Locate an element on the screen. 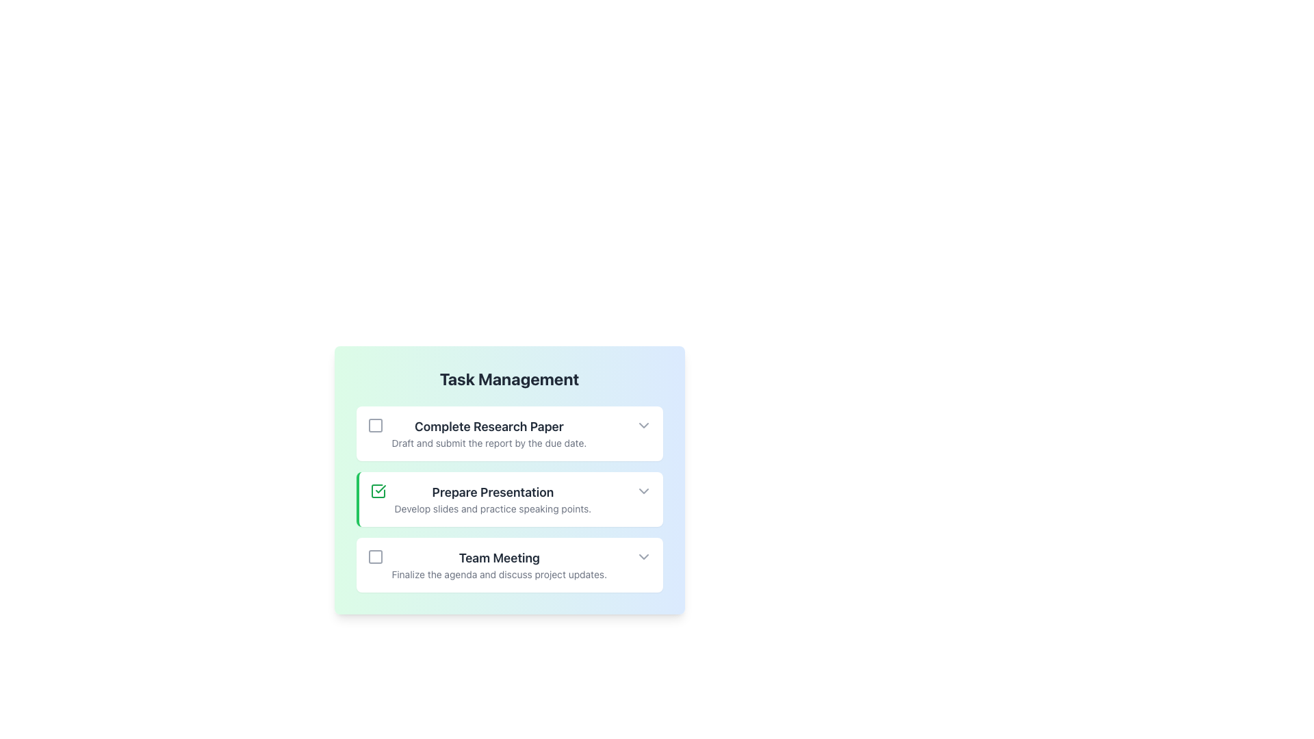  the text element that says 'Draft and submit the report by the due date.' located beneath the title 'Complete Research Paper' in the 'Task Management' interface is located at coordinates (489, 443).